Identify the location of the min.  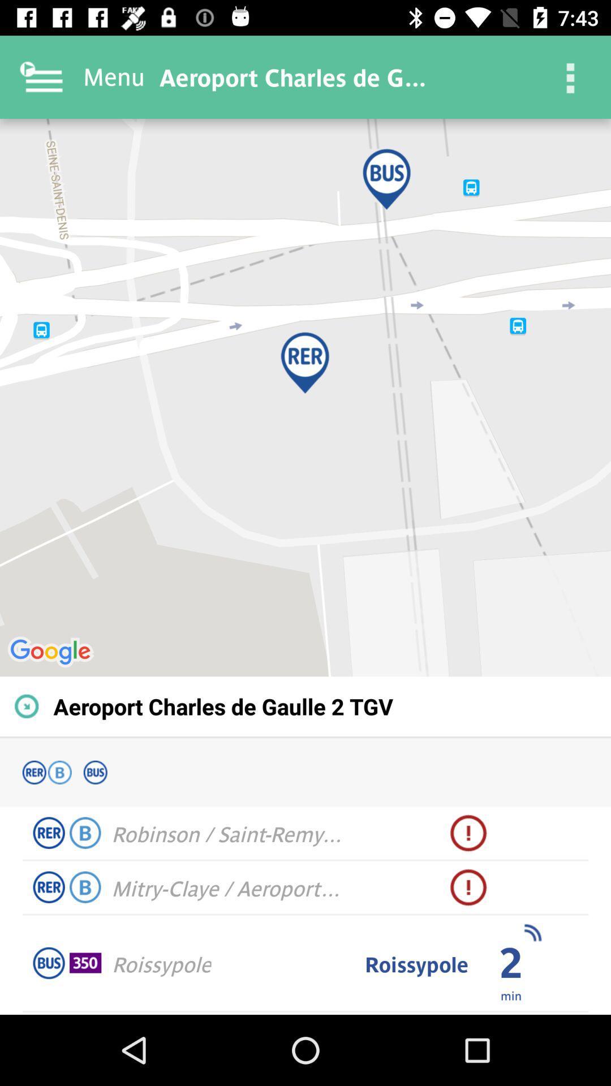
(511, 994).